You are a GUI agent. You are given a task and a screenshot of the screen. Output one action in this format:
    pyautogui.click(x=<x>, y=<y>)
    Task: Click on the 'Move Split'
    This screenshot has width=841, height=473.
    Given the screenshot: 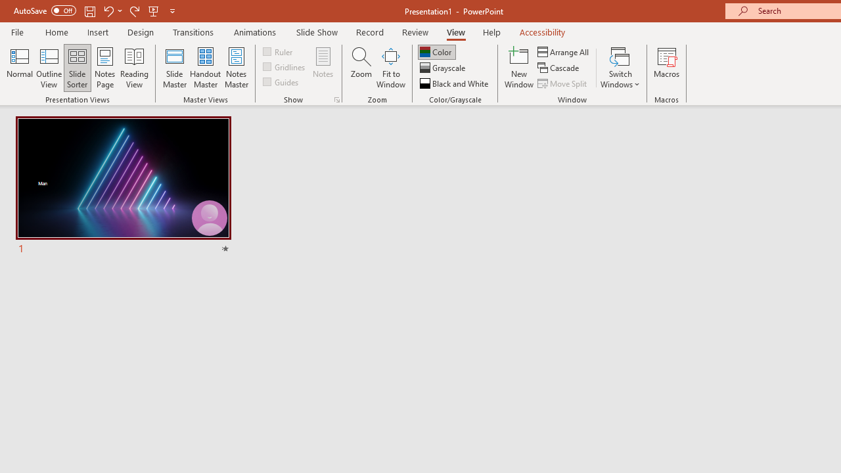 What is the action you would take?
    pyautogui.click(x=563, y=83)
    